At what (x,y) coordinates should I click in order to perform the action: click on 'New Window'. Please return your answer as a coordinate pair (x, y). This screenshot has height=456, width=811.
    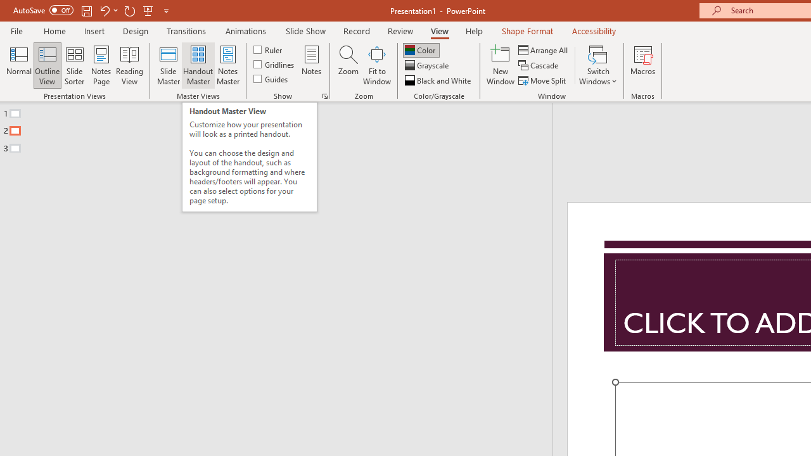
    Looking at the image, I should click on (500, 65).